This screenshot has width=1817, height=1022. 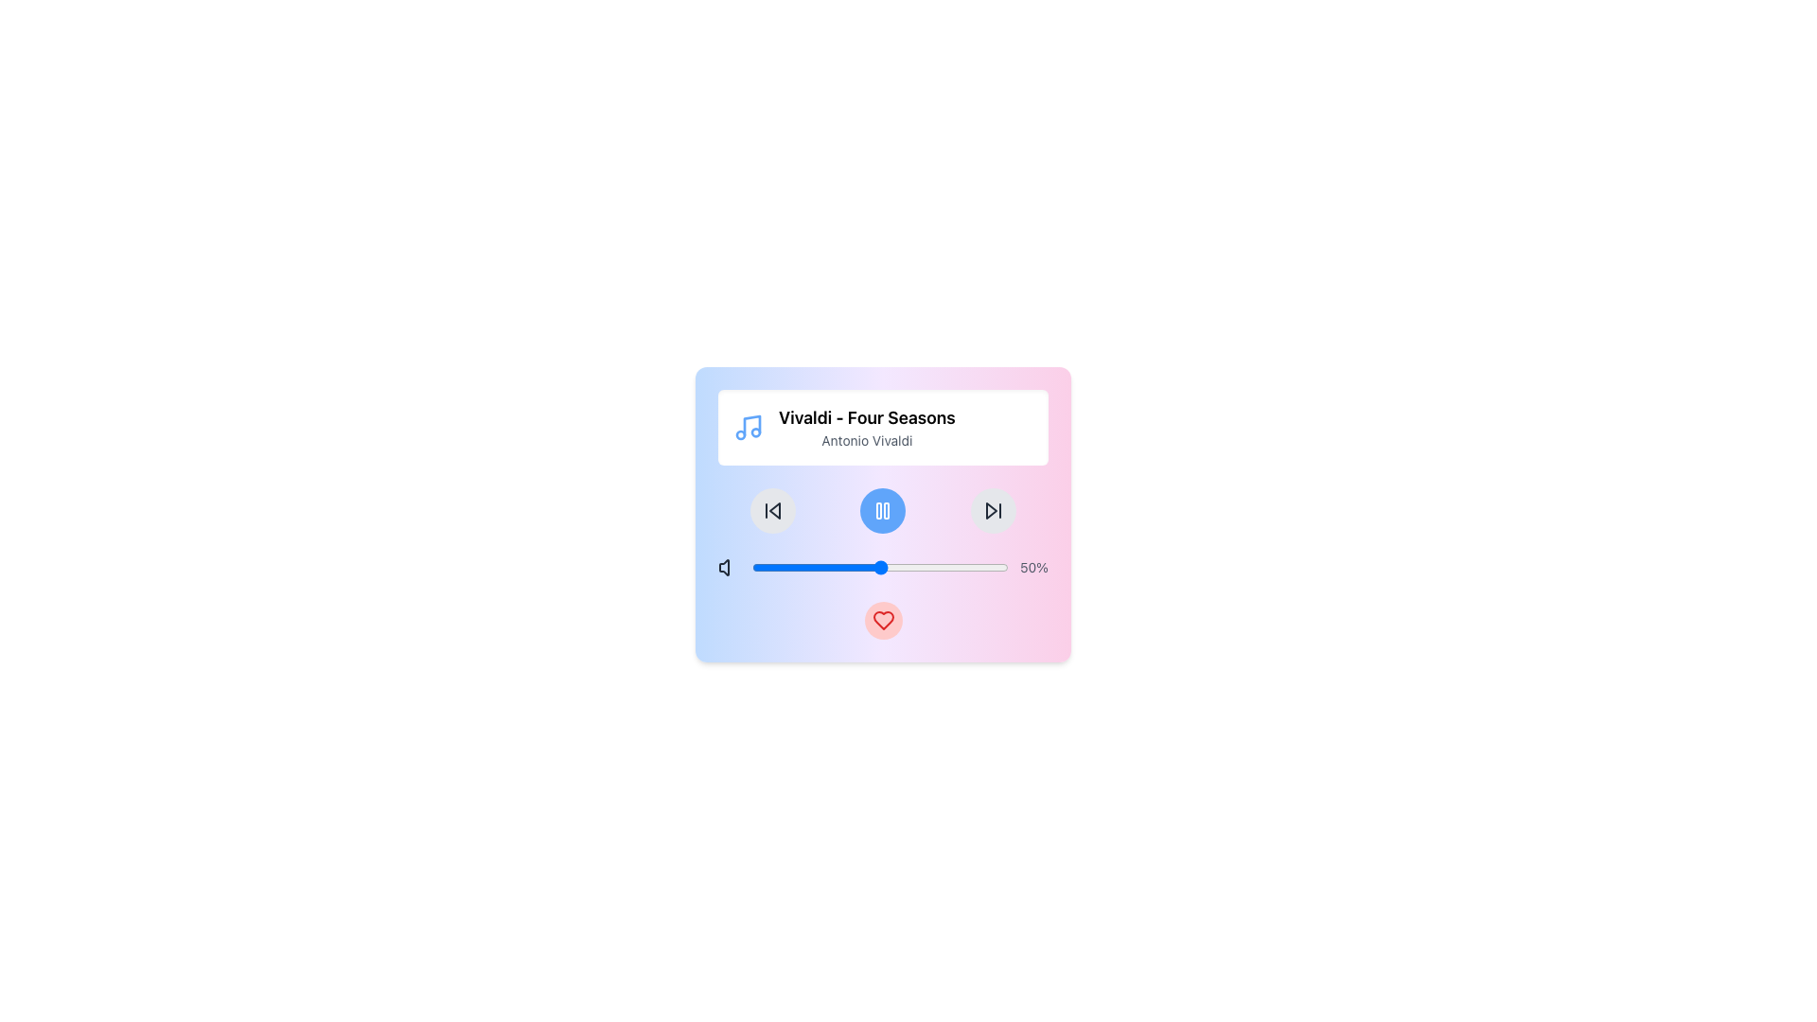 What do you see at coordinates (992, 511) in the screenshot?
I see `the rightward-pointing triangle icon with a gray outline, located within the music control panel, to skip to the next track` at bounding box center [992, 511].